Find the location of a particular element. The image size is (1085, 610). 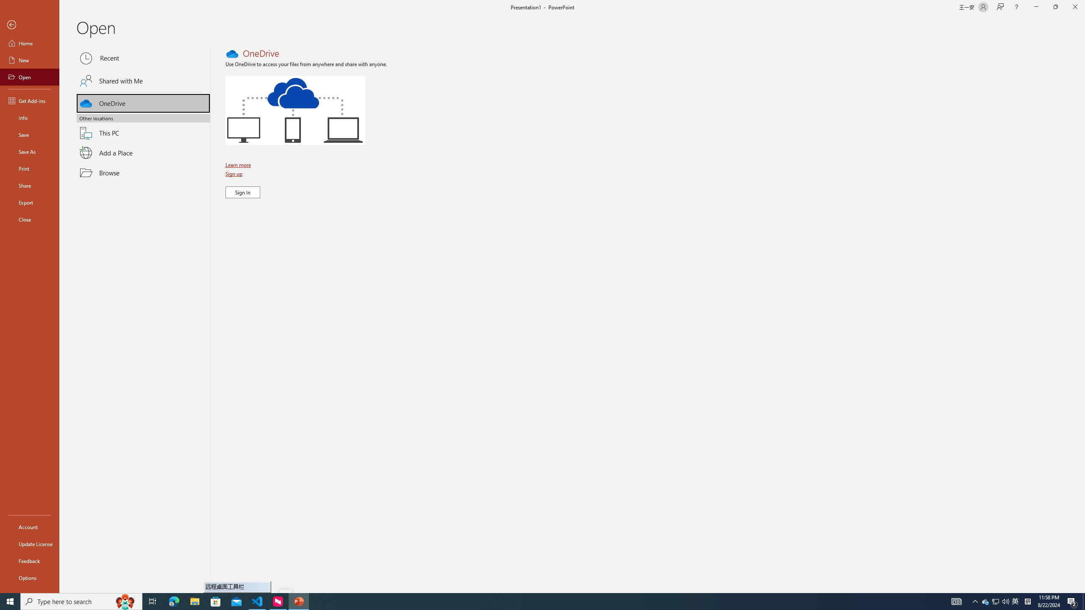

'Update License' is located at coordinates (29, 543).